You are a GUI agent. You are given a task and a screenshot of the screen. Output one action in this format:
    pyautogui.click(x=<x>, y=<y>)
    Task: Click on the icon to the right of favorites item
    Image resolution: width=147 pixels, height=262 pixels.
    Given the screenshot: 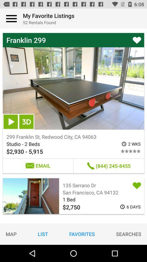 What is the action you would take?
    pyautogui.click(x=128, y=234)
    